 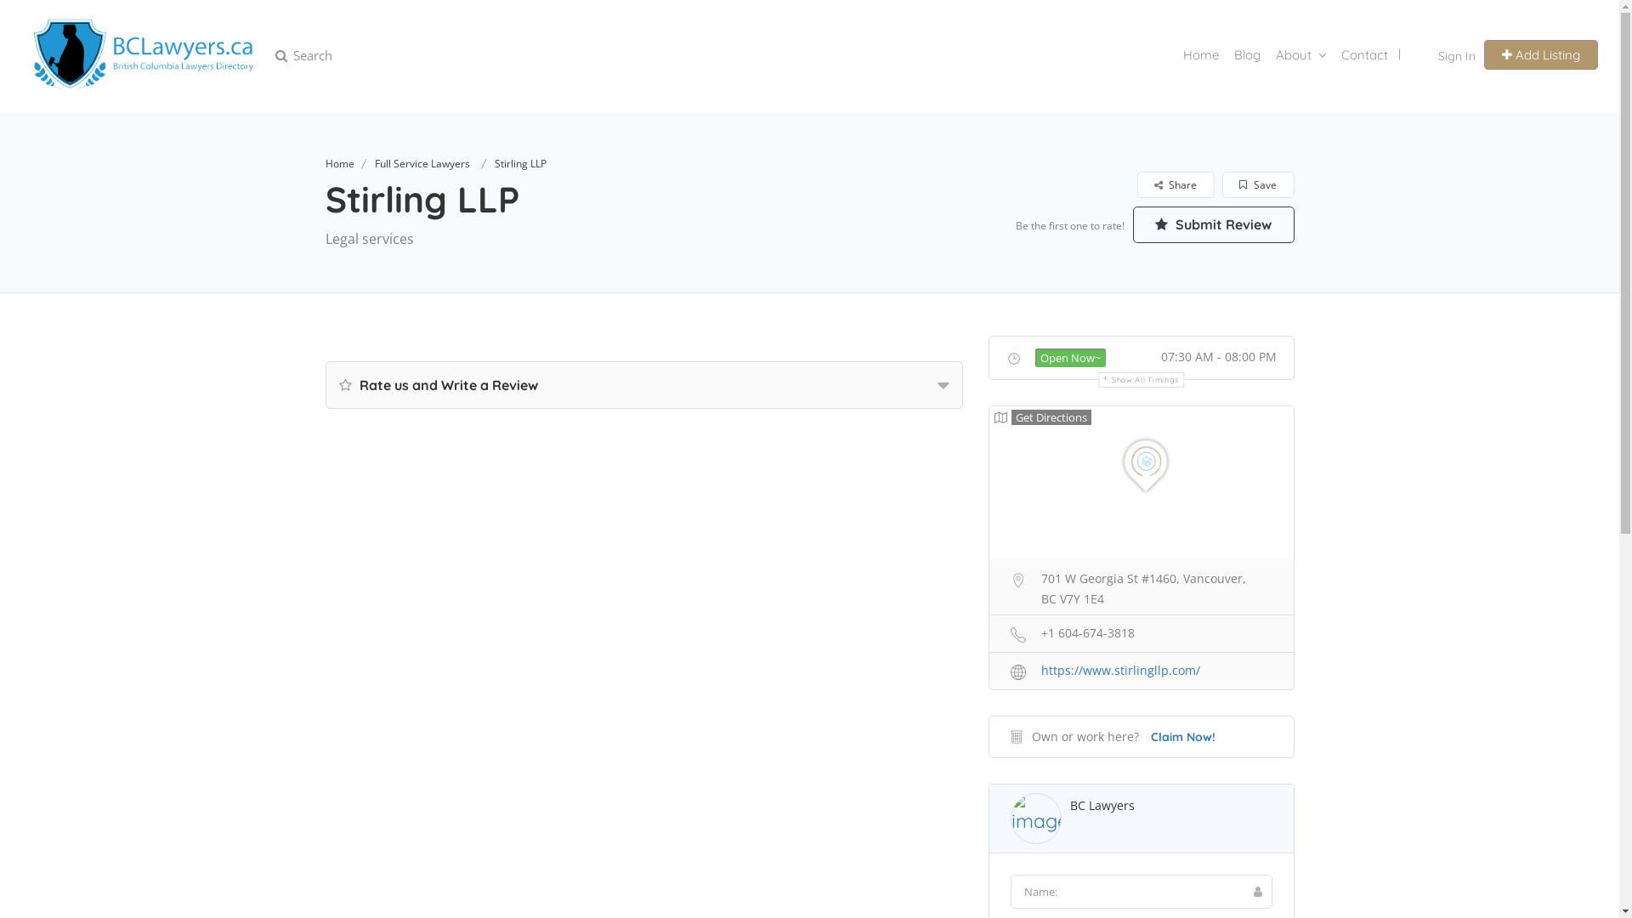 I want to click on 'BC Lawyers', so click(x=1102, y=804).